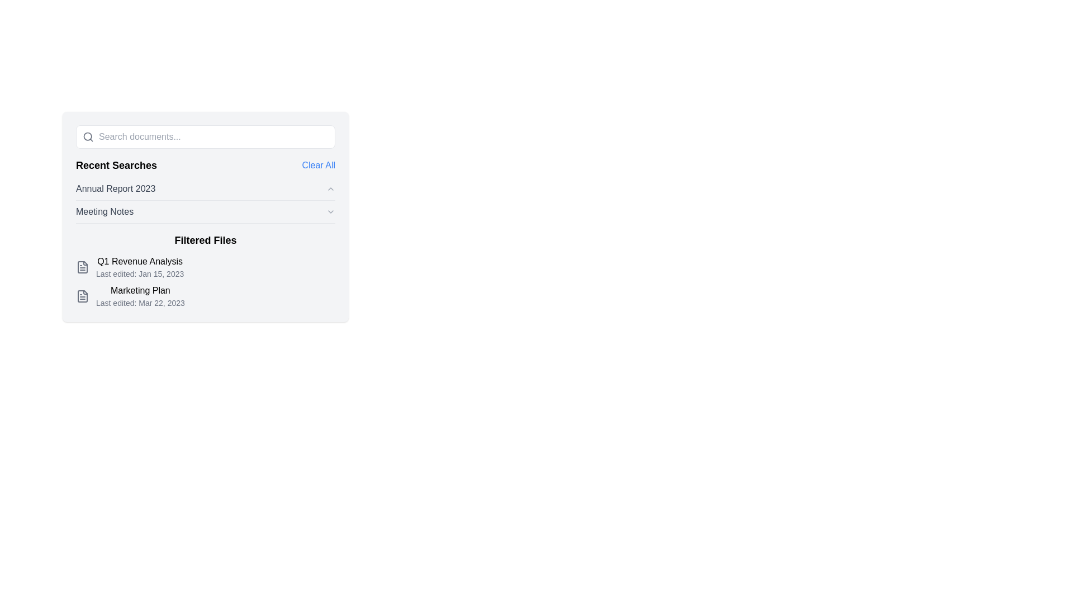 The height and width of the screenshot is (604, 1073). What do you see at coordinates (139, 273) in the screenshot?
I see `static text label displaying 'Last edited: Jan 15, 2023', which is positioned directly below the bold title 'Q1 Revenue Analysis' within the 'Filtered Files' category` at bounding box center [139, 273].